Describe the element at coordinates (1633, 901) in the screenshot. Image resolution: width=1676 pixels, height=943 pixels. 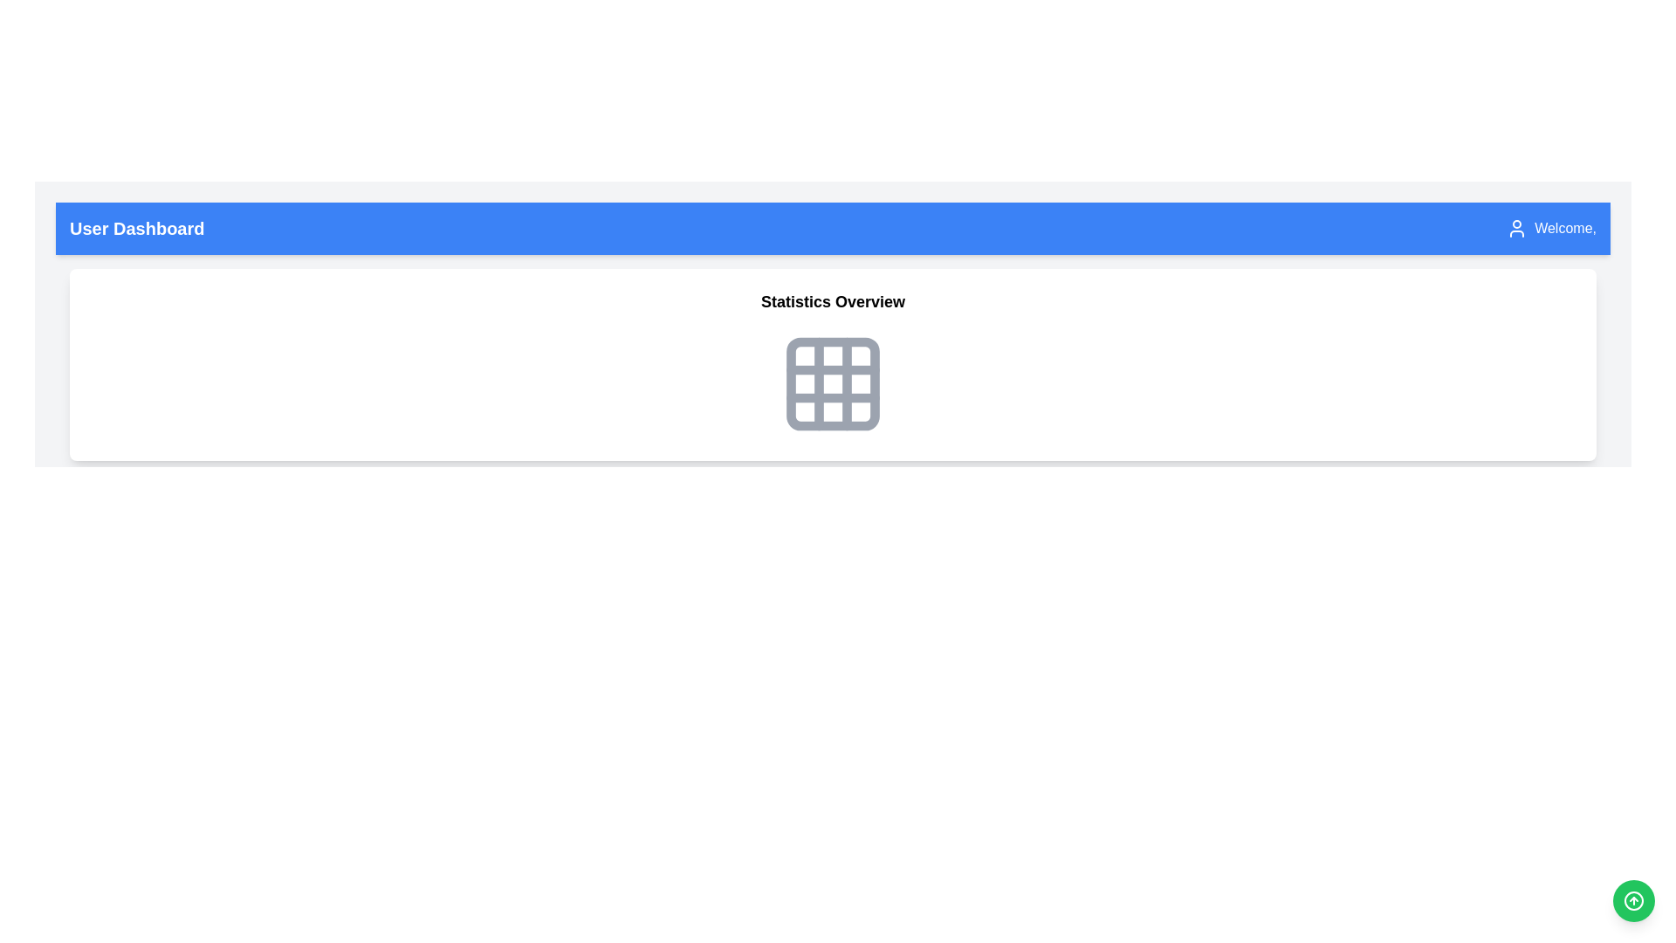
I see `the circular outline icon located in the bottom-right corner of the interface` at that location.